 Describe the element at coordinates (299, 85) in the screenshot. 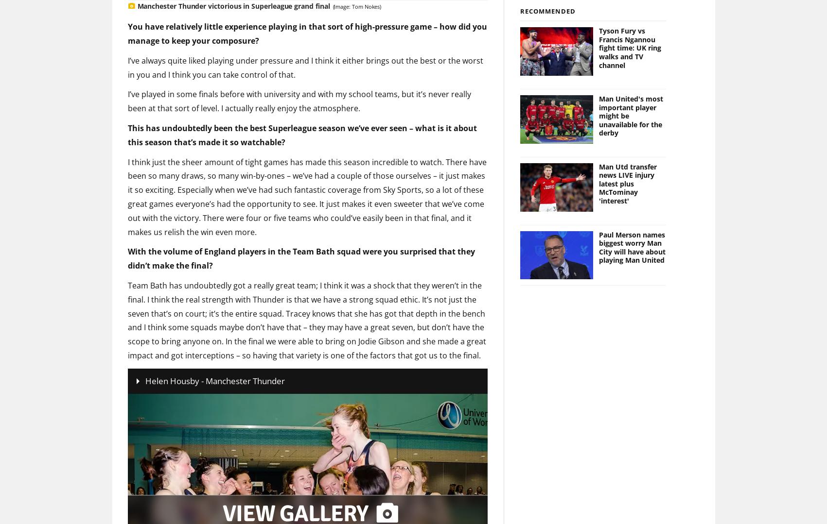

I see `'I’ve played in some finals before with university and with my school teams, but it’s never really been at that sort of level. I actually really enjoy the atmosphere.'` at that location.